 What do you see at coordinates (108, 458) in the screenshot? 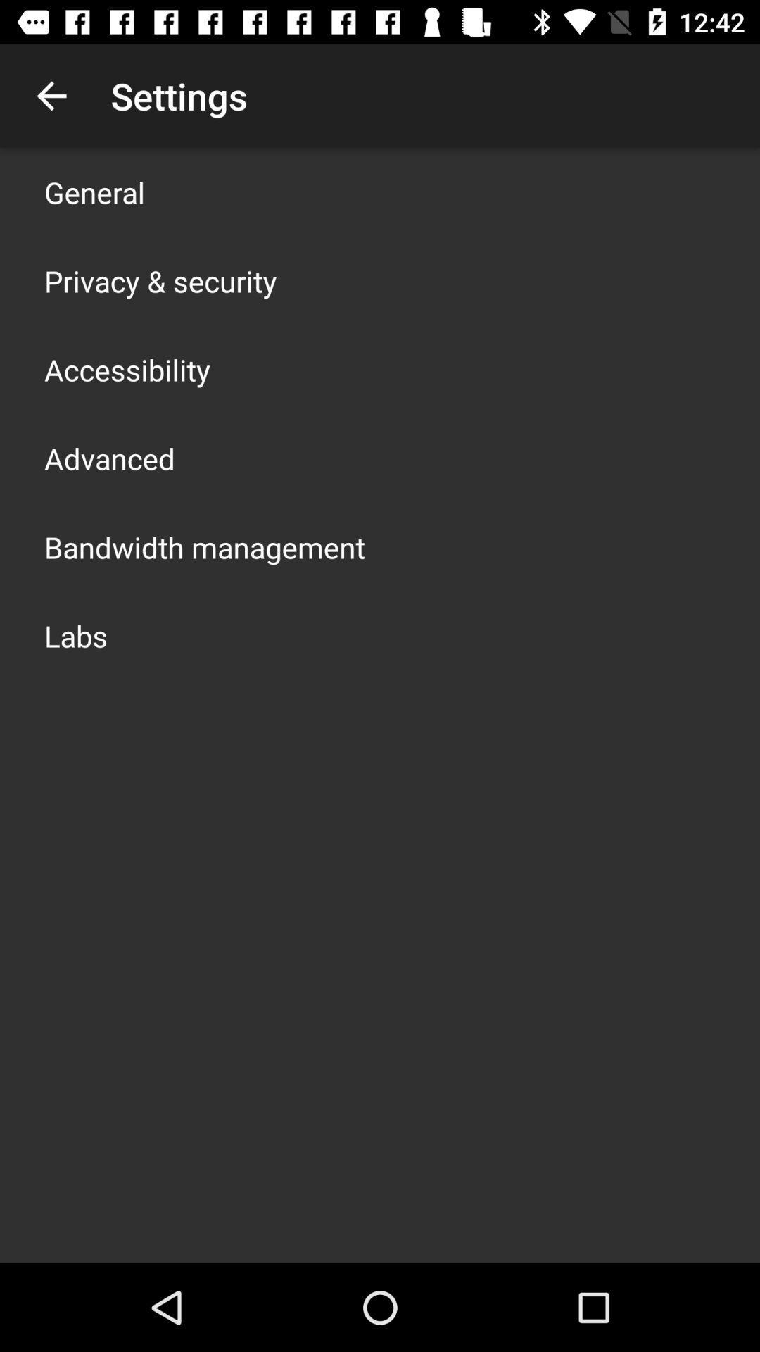
I see `app above bandwidth management app` at bounding box center [108, 458].